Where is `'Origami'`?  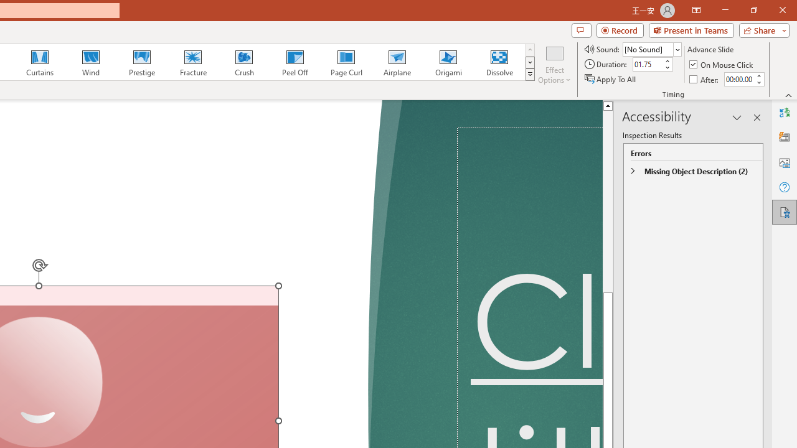 'Origami' is located at coordinates (448, 62).